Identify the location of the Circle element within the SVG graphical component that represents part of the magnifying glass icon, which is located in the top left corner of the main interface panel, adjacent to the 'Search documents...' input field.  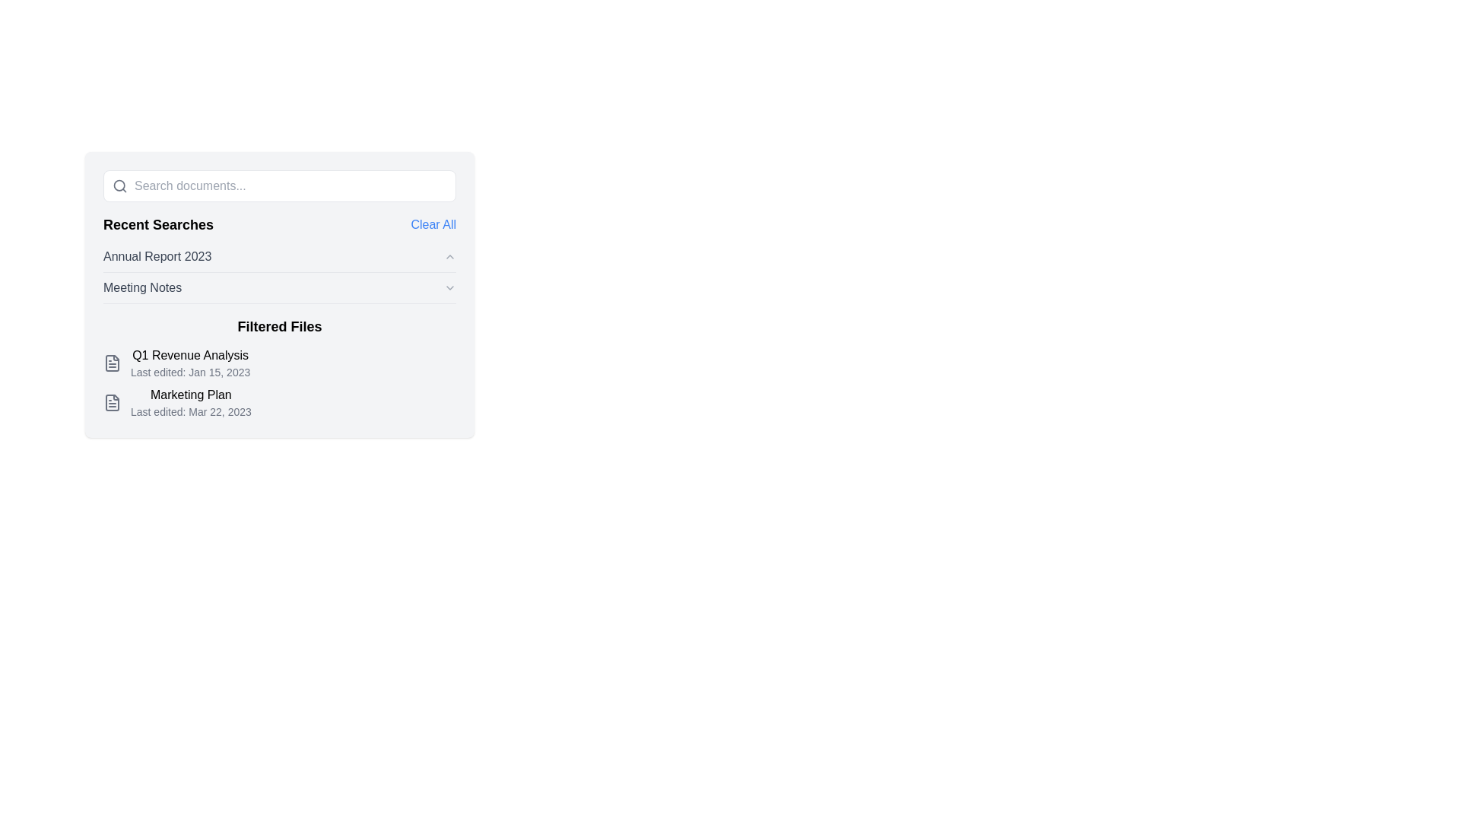
(119, 185).